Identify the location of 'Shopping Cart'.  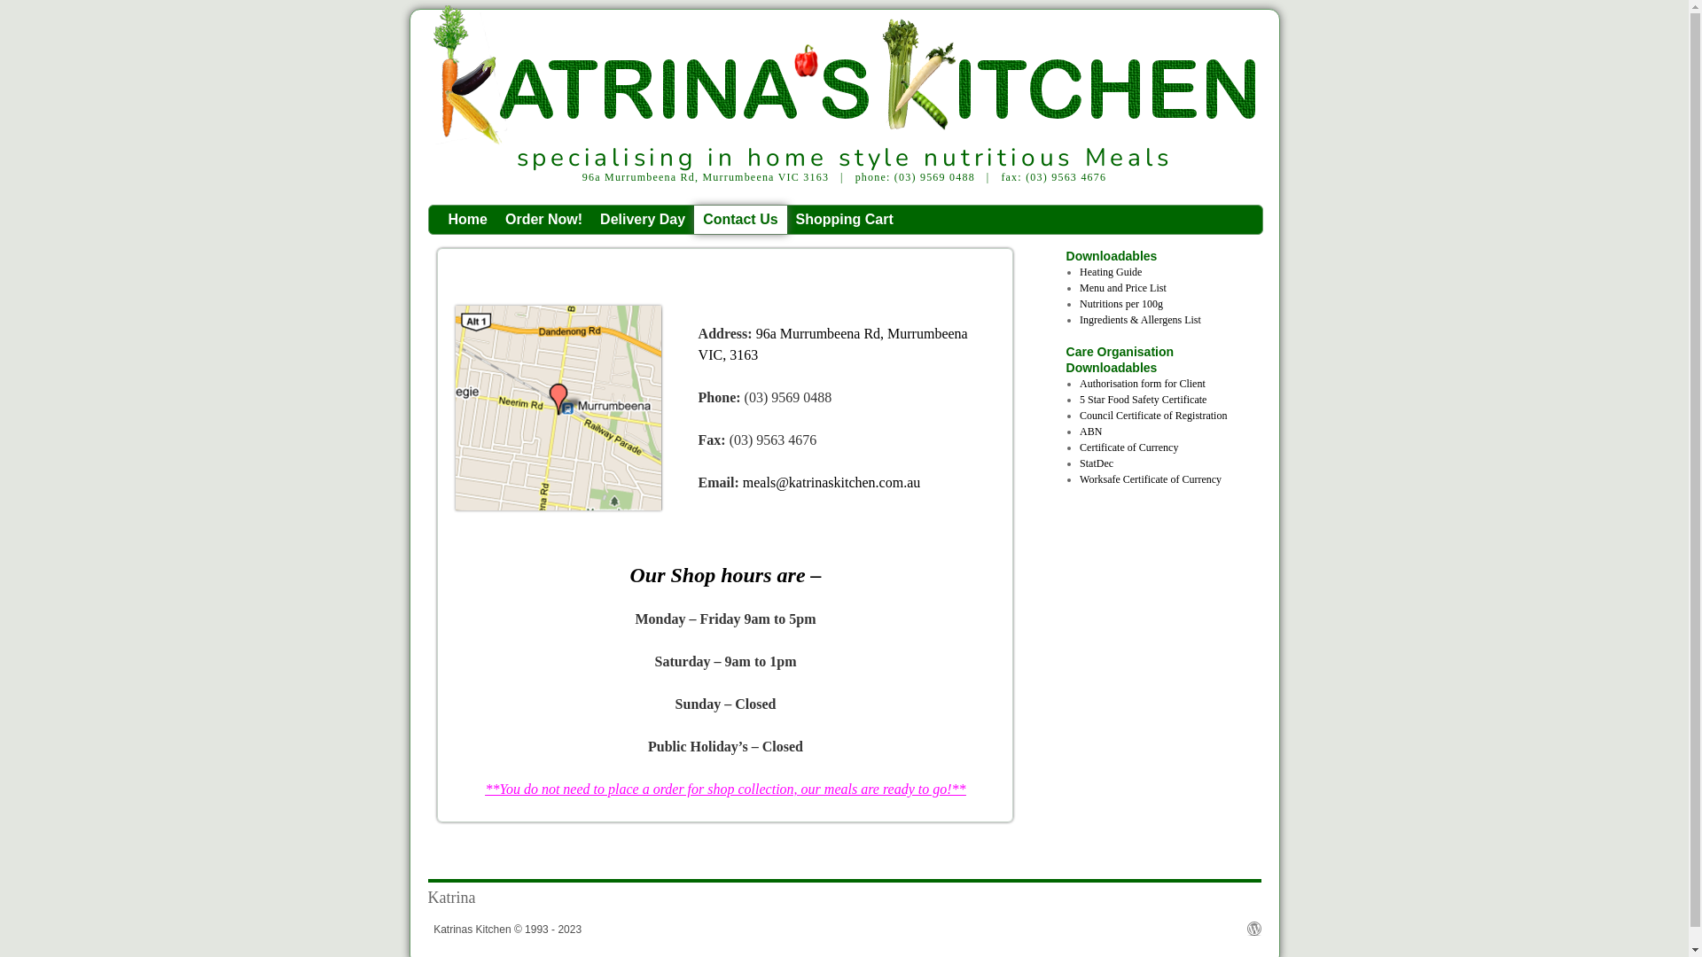
(844, 218).